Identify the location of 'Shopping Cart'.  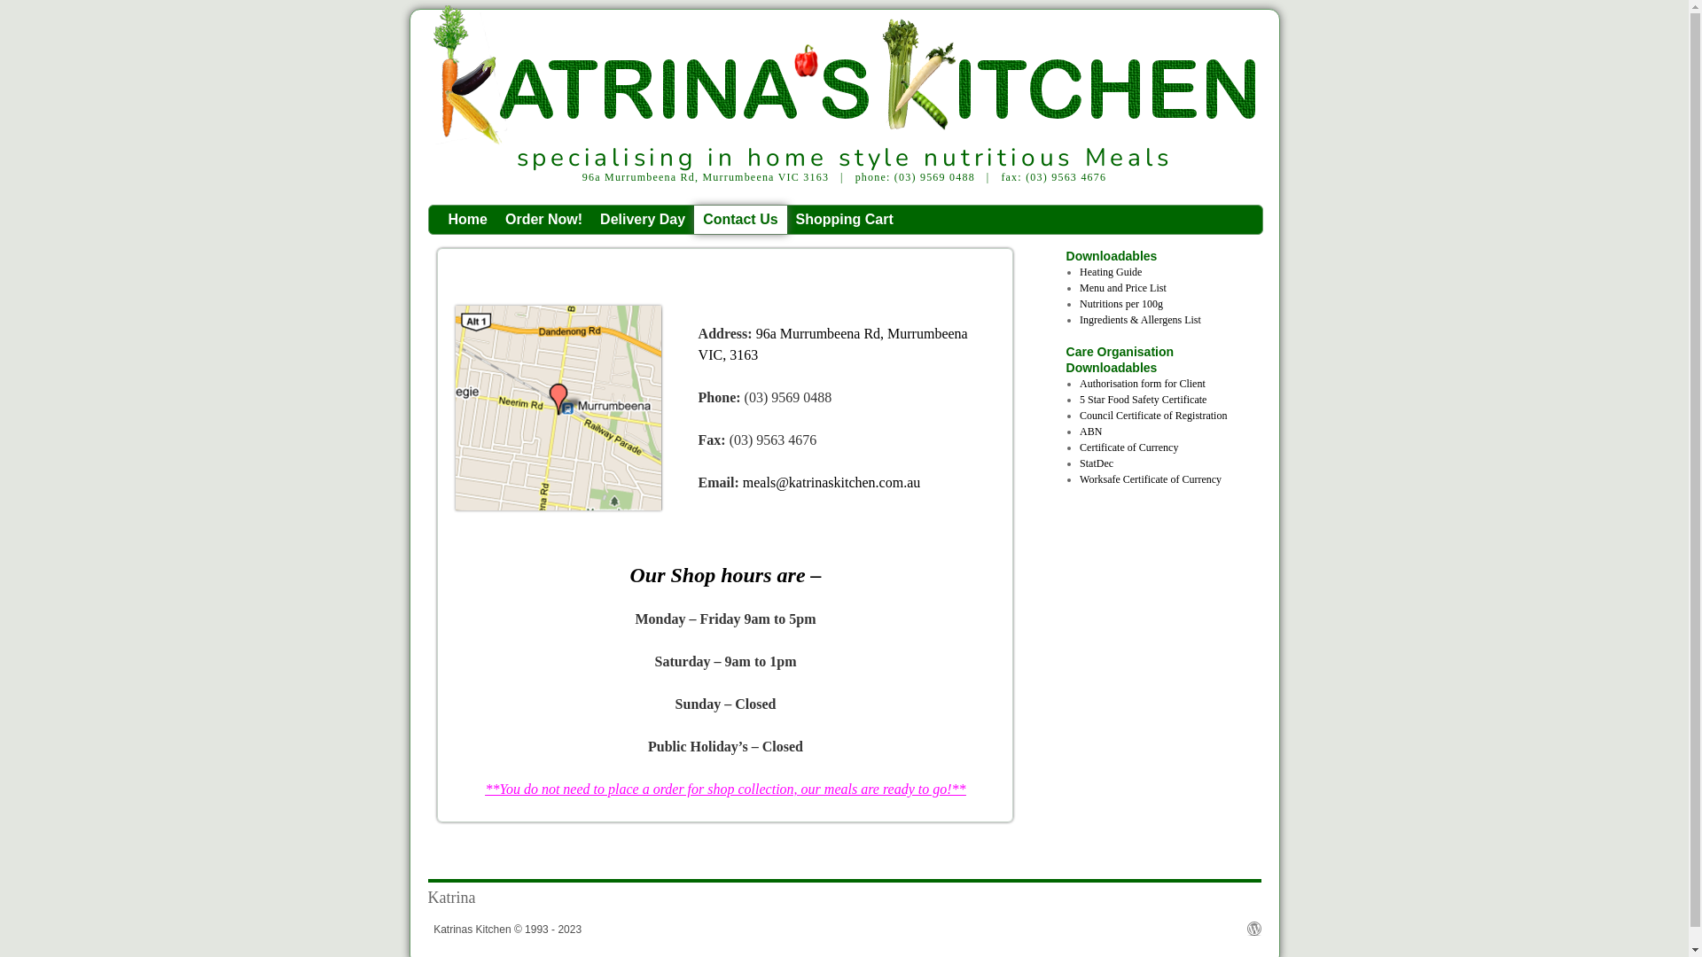
(844, 218).